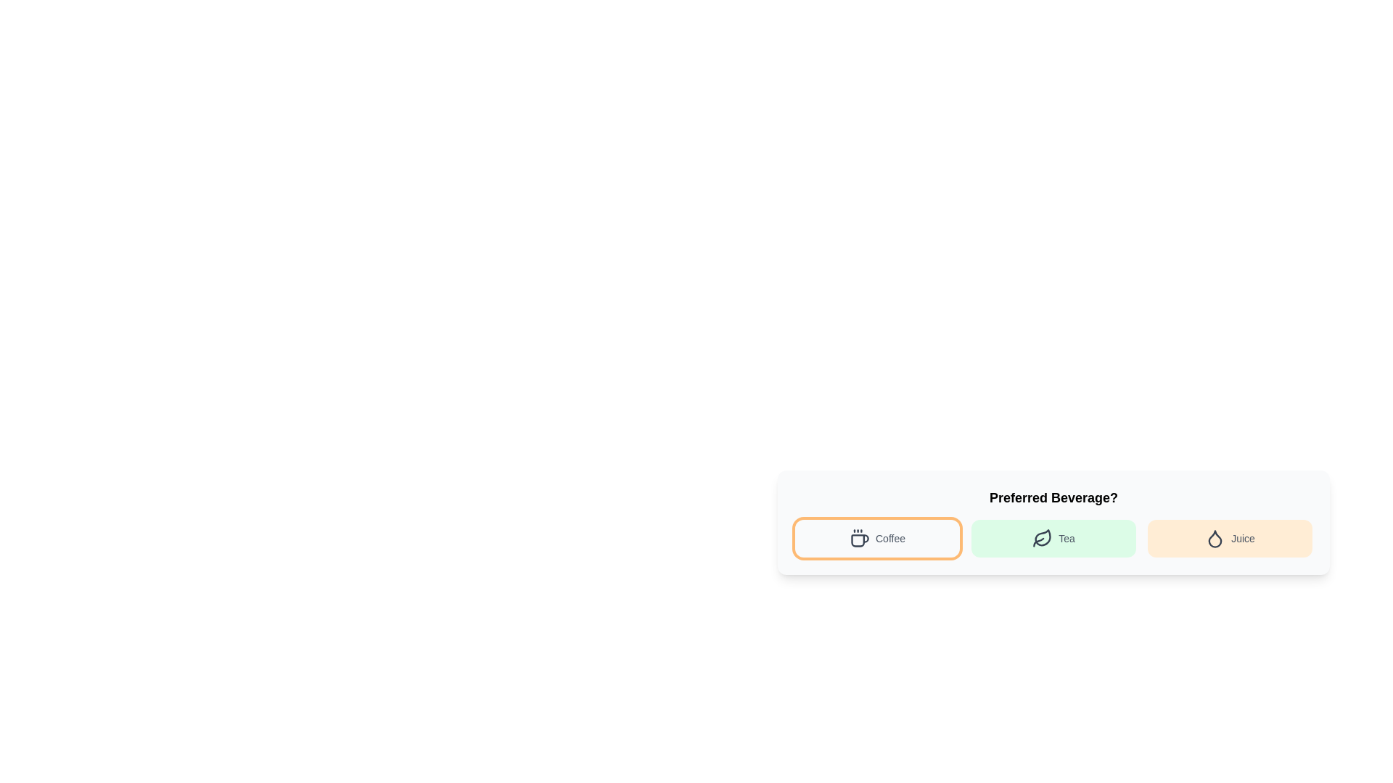 The height and width of the screenshot is (783, 1393). What do you see at coordinates (876, 539) in the screenshot?
I see `the button labeled 'Coffee', which is the first button in a group of beverage options and features a coffee cup icon and an orange border` at bounding box center [876, 539].